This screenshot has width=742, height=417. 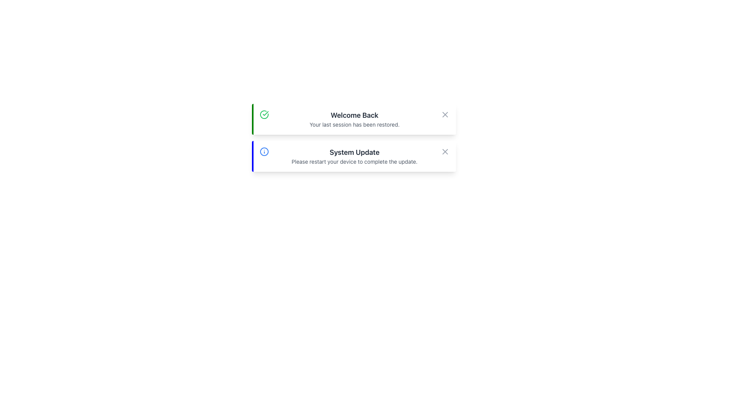 What do you see at coordinates (354, 161) in the screenshot?
I see `informational text displayed in light gray, located below the bold heading 'System Update'` at bounding box center [354, 161].